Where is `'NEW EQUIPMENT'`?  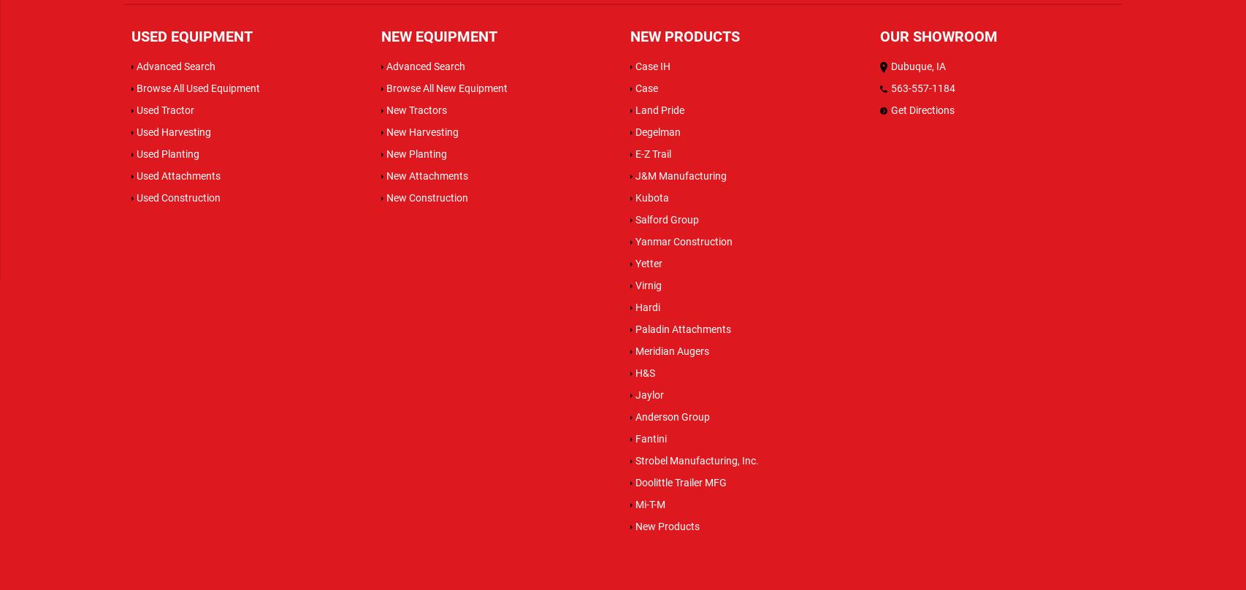
'NEW EQUIPMENT' is located at coordinates (380, 37).